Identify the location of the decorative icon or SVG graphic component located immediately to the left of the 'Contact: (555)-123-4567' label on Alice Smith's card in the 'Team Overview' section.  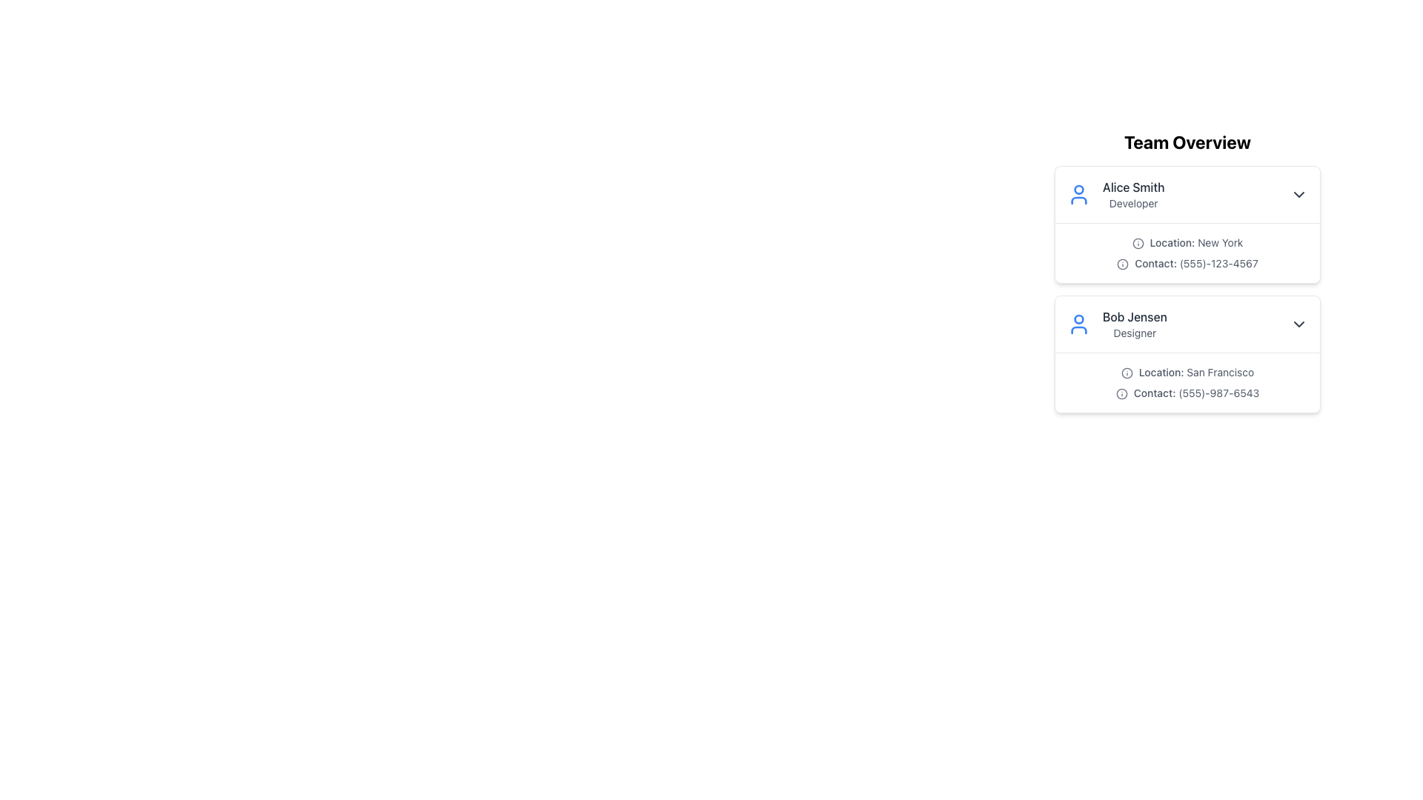
(1123, 264).